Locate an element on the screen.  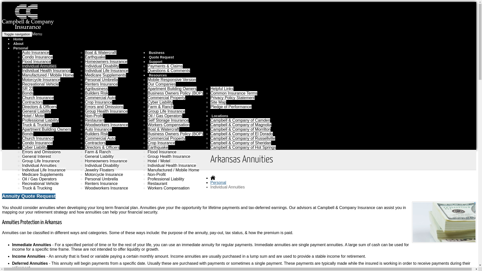
'Woodworkers Insurance' is located at coordinates (106, 188).